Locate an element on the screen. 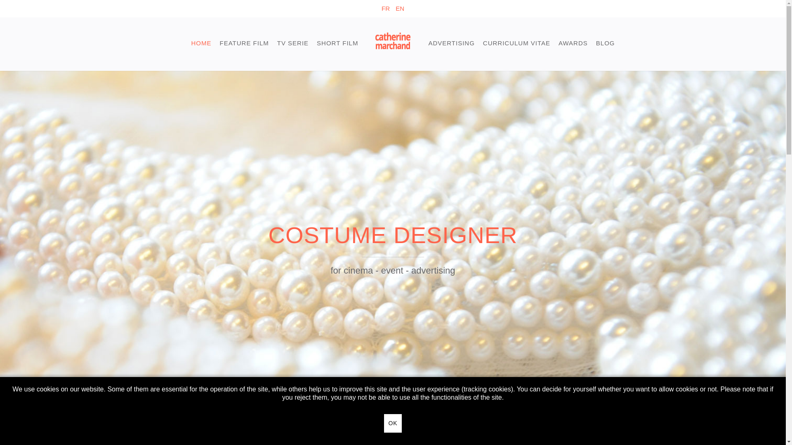  'BLOG' is located at coordinates (606, 42).